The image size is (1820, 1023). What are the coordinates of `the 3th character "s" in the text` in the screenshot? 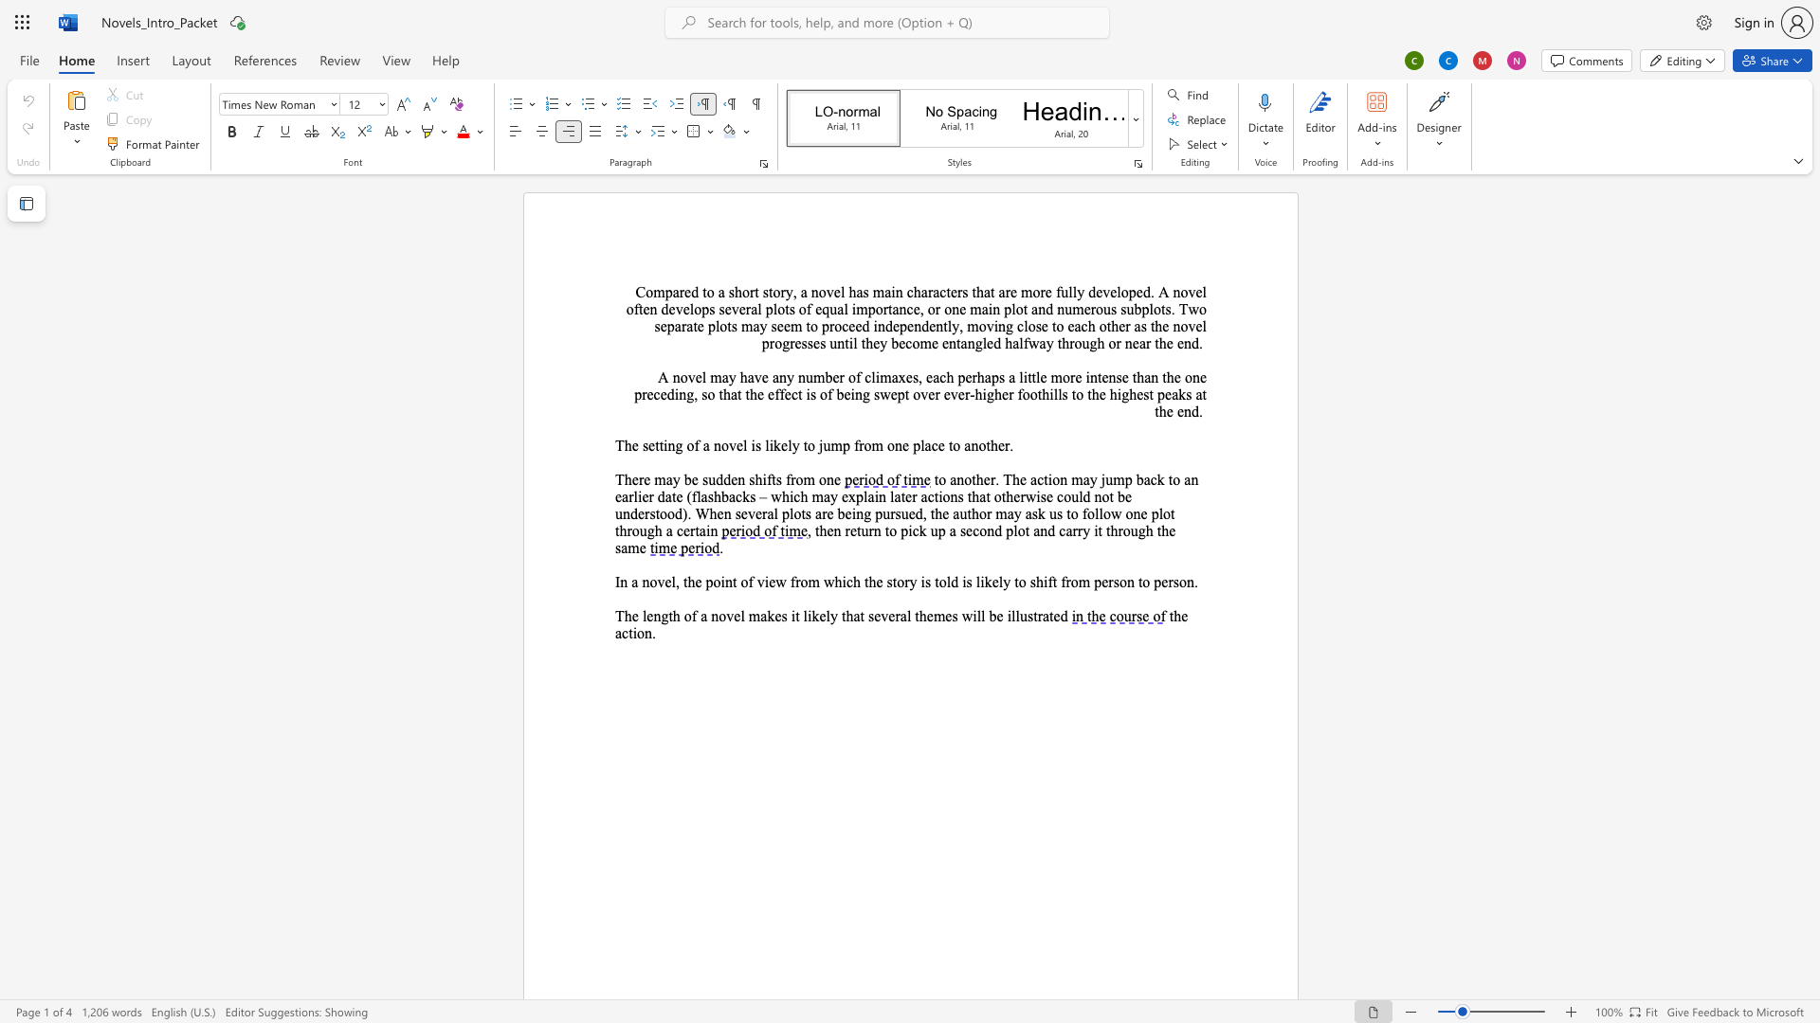 It's located at (657, 325).